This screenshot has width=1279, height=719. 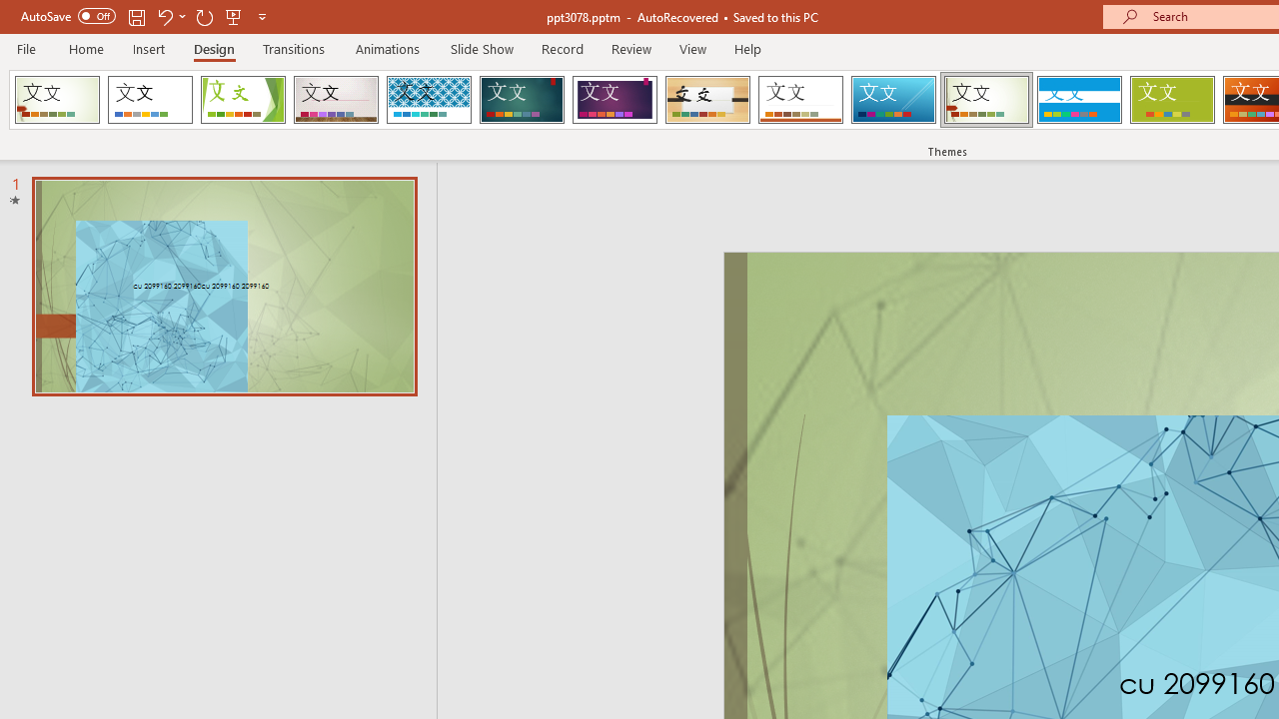 What do you see at coordinates (149, 100) in the screenshot?
I see `'Office Theme'` at bounding box center [149, 100].